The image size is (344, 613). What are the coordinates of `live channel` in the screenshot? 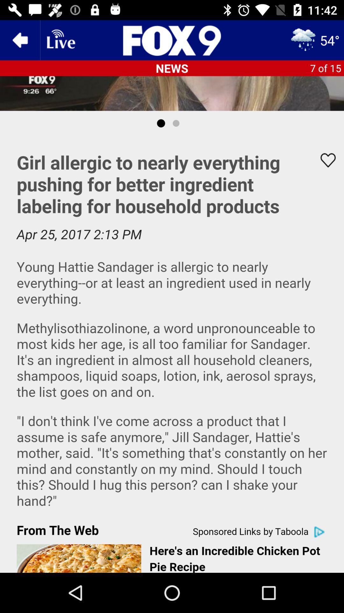 It's located at (60, 40).